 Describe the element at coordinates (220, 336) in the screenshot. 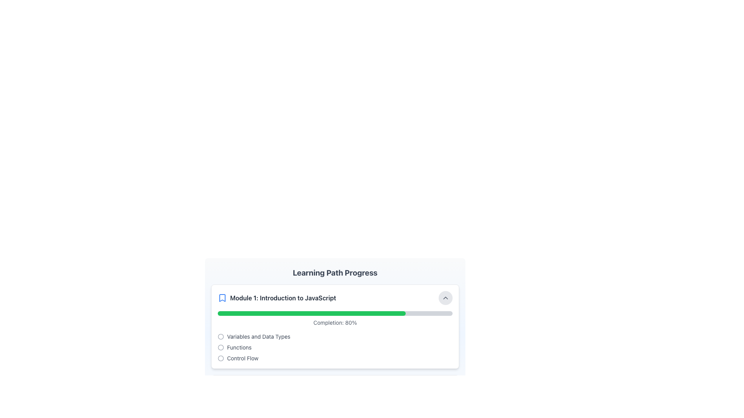

I see `the first icon located to the left of the 'Variables and Data Types' text, which serves to mark or emphasize adjacent text` at that location.